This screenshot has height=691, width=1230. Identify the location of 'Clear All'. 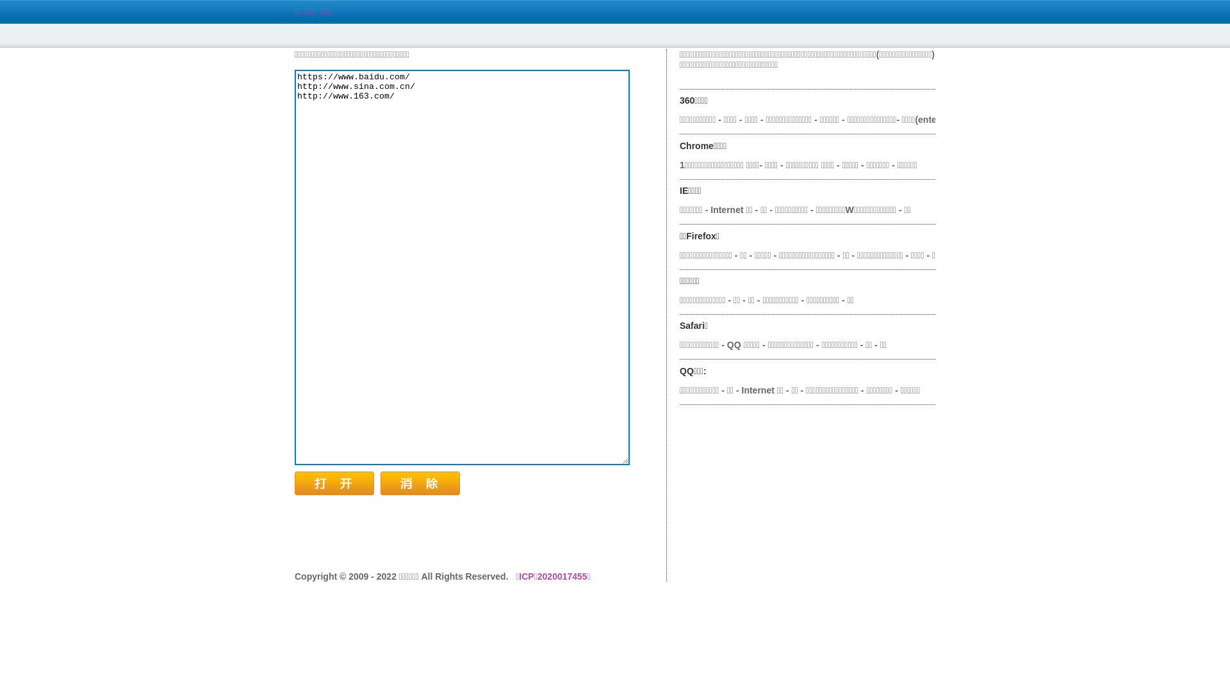
(380, 483).